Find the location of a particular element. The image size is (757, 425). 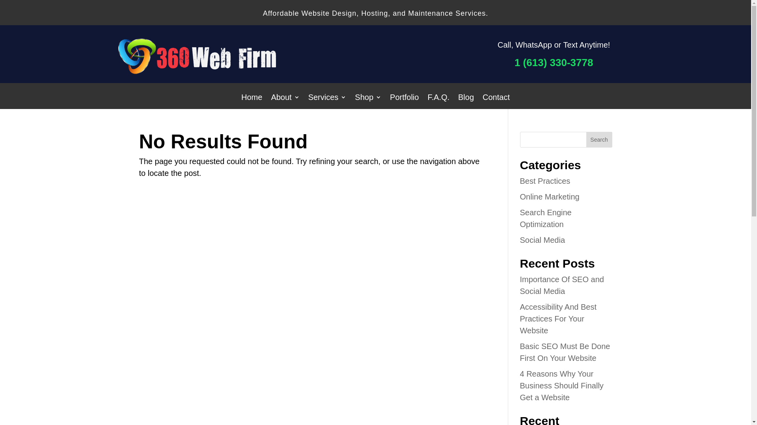

'Importance Of SEO and Social Media' is located at coordinates (561, 285).